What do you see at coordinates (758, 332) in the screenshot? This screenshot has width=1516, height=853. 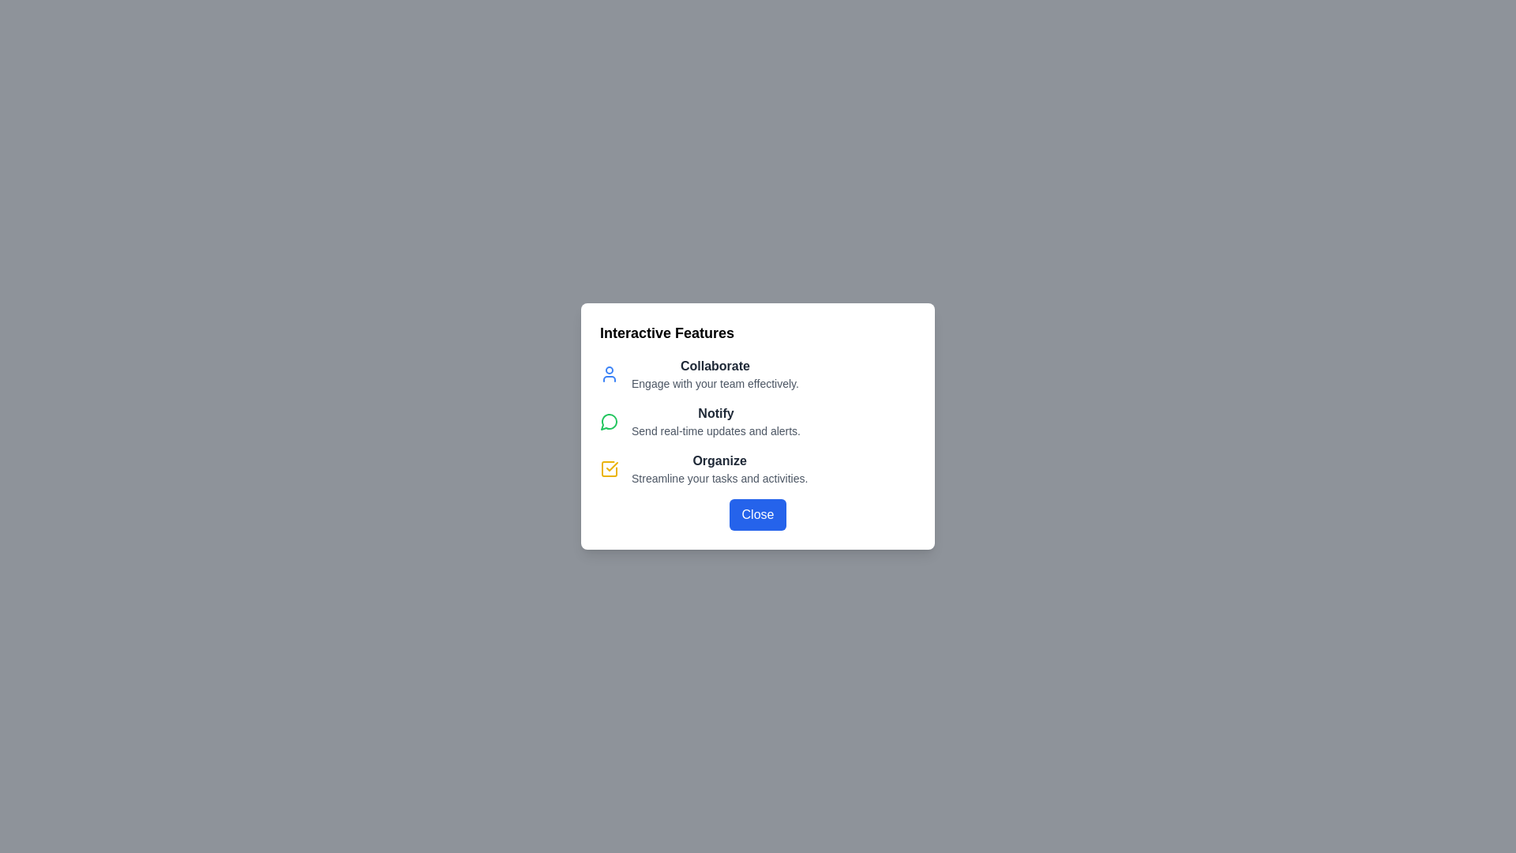 I see `the modal header to focus on it` at bounding box center [758, 332].